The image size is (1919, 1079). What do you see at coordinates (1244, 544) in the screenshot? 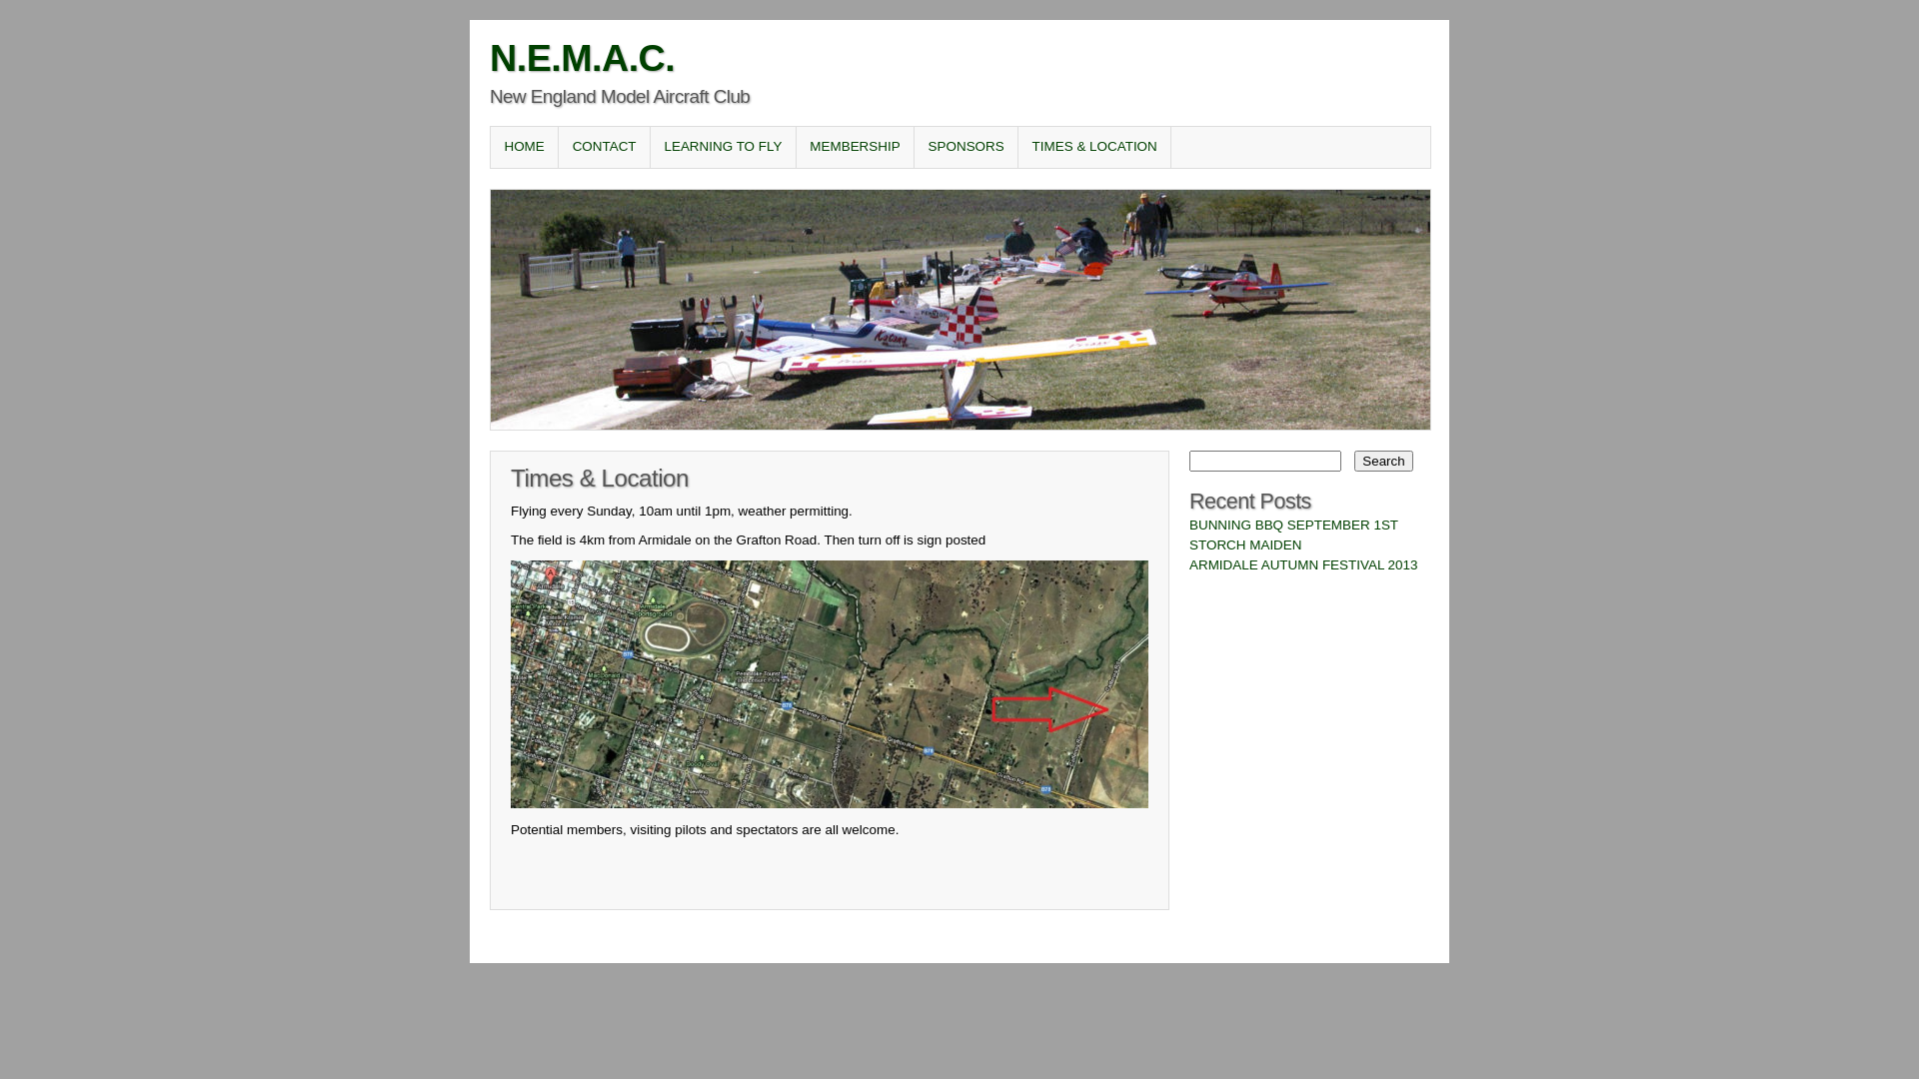
I see `'STORCH MAIDEN'` at bounding box center [1244, 544].